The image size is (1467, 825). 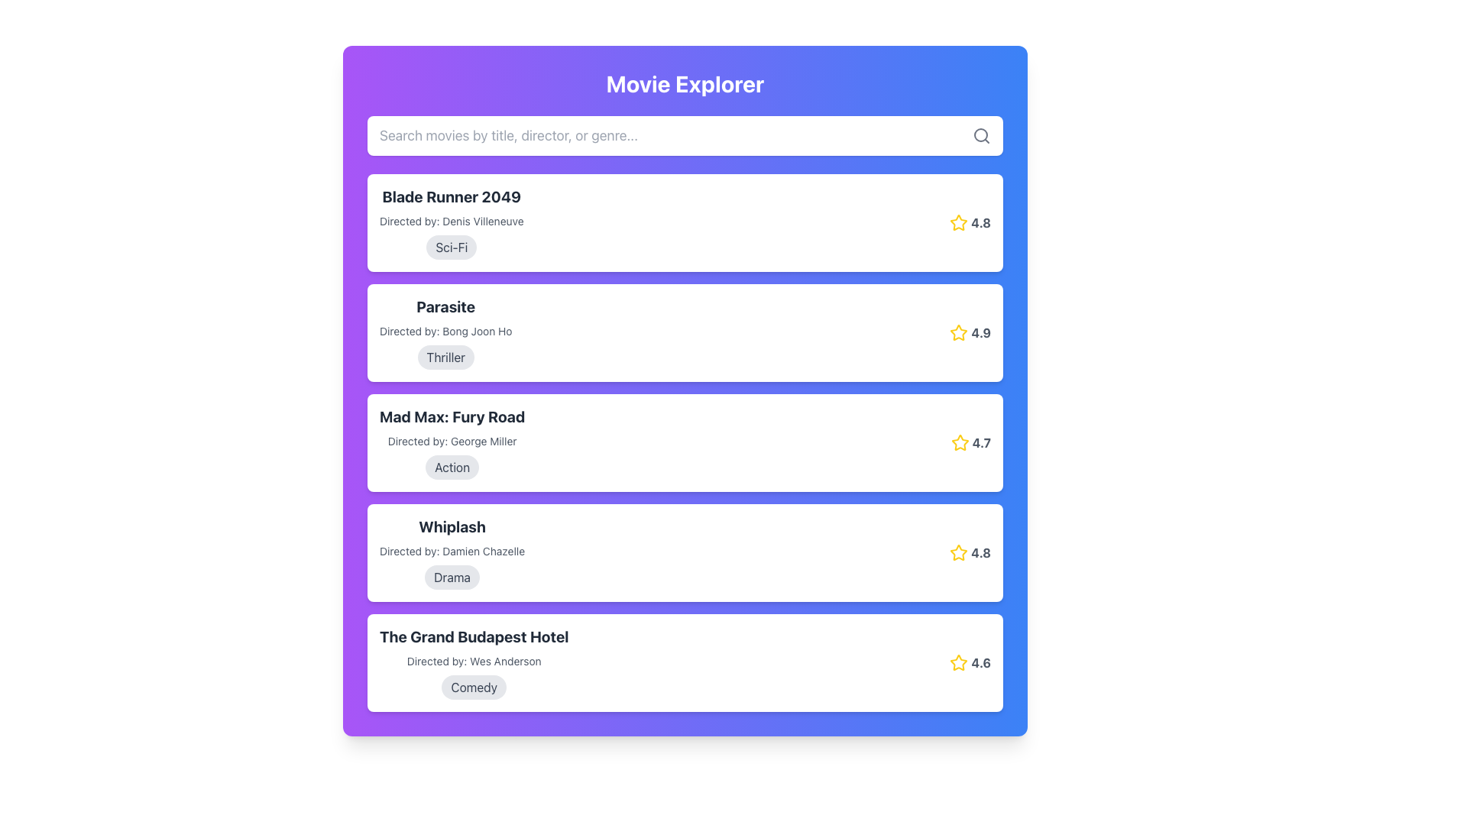 What do you see at coordinates (445, 331) in the screenshot?
I see `text label that provides the name of the director associated with the movie 'Parasite', located below the movie title and above the genre tag 'Thriller'` at bounding box center [445, 331].